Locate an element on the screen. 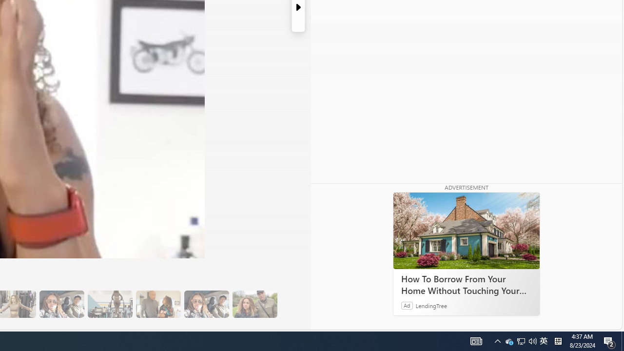 This screenshot has width=624, height=351. 'Ad' is located at coordinates (407, 305).